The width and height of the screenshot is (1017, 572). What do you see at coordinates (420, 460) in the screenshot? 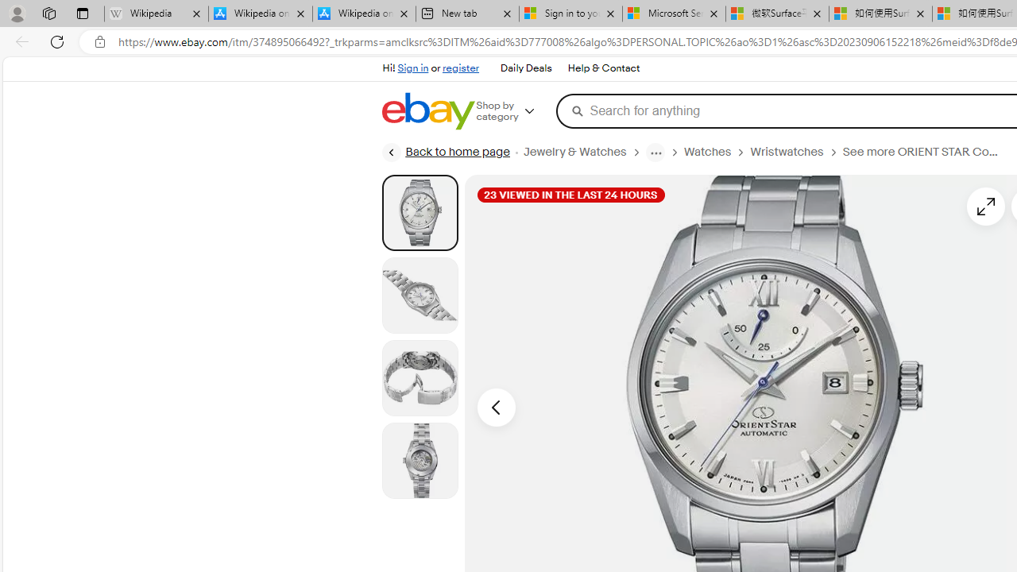
I see `'Picture 4 of 4'` at bounding box center [420, 460].